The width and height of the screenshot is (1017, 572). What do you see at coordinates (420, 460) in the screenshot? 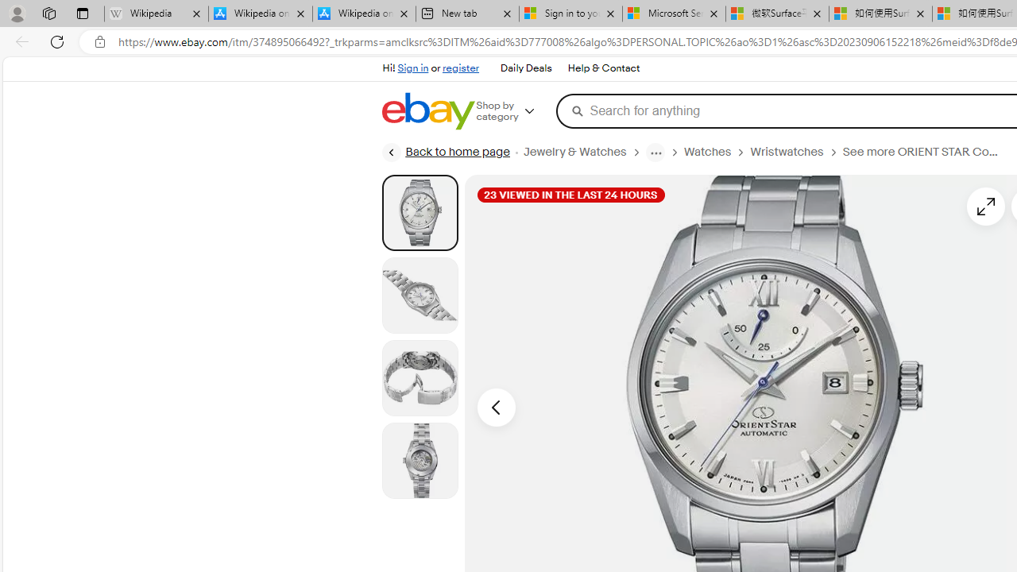
I see `'Picture 4 of 4'` at bounding box center [420, 460].